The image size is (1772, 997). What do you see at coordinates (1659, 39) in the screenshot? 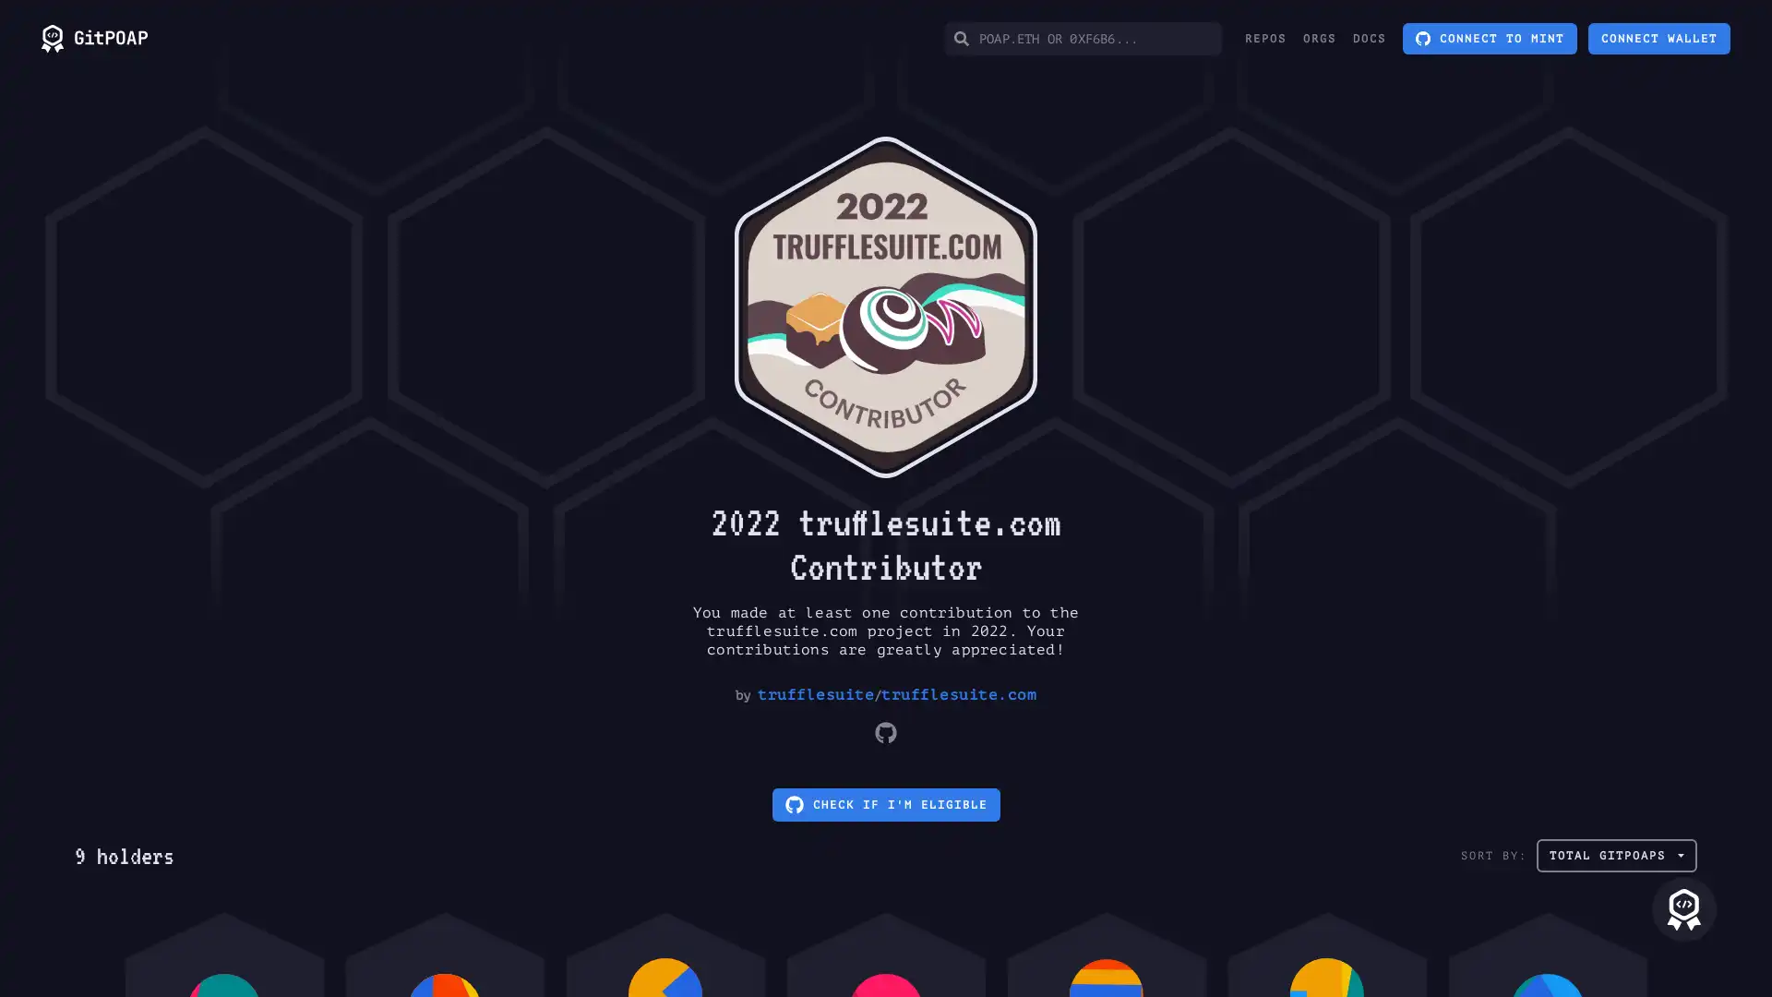
I see `CONNECT WALLET` at bounding box center [1659, 39].